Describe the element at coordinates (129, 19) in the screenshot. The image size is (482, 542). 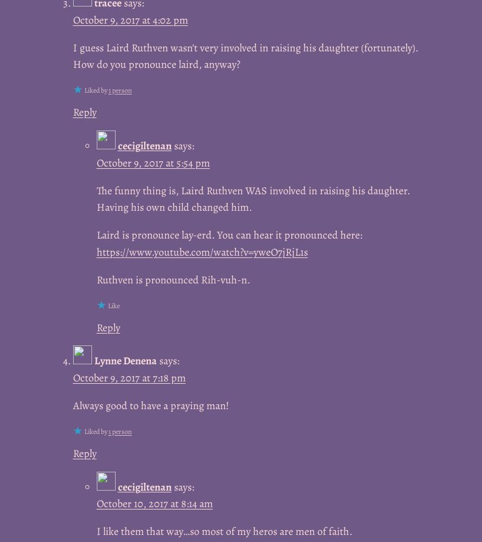
I see `'October 9, 2017 at 4:02 pm'` at that location.